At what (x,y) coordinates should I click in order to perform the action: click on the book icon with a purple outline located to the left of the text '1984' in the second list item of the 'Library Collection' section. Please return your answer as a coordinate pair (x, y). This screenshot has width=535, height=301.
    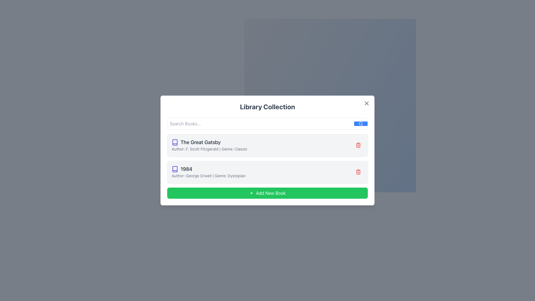
    Looking at the image, I should click on (175, 169).